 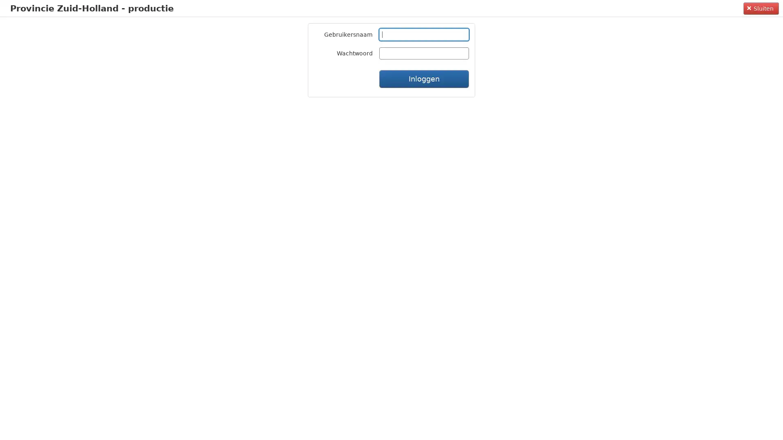 I want to click on Sluiten, so click(x=761, y=8).